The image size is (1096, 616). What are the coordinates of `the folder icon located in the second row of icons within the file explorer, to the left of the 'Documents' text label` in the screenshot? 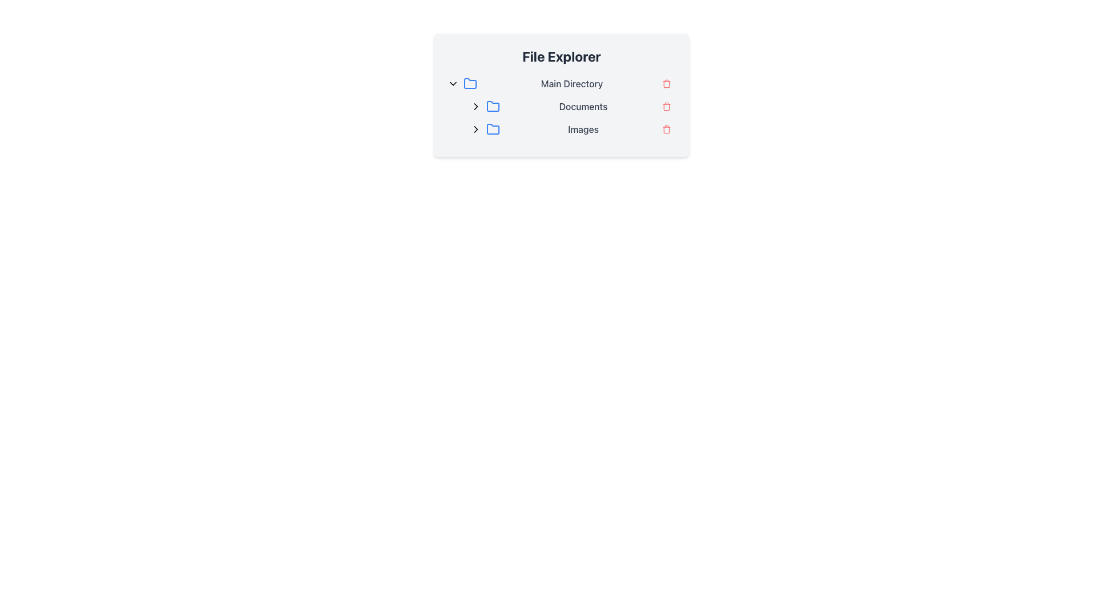 It's located at (493, 106).